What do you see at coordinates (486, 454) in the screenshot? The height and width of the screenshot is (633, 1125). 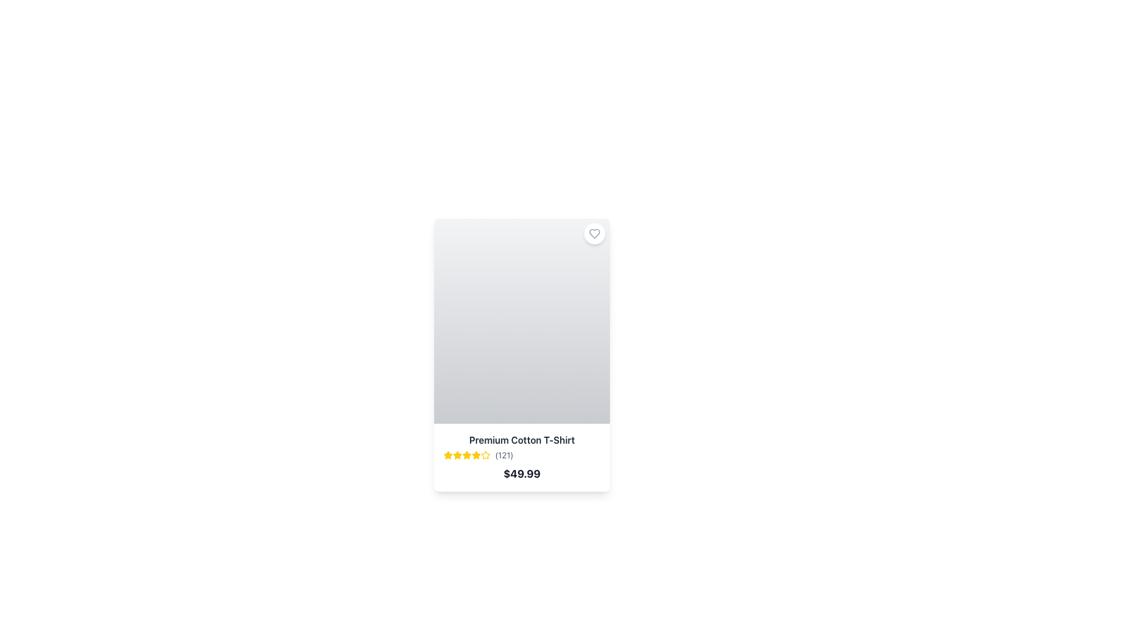 I see `the sixth star icon in the rating system, which is displayed horizontally below the product image and above the product name and price` at bounding box center [486, 454].